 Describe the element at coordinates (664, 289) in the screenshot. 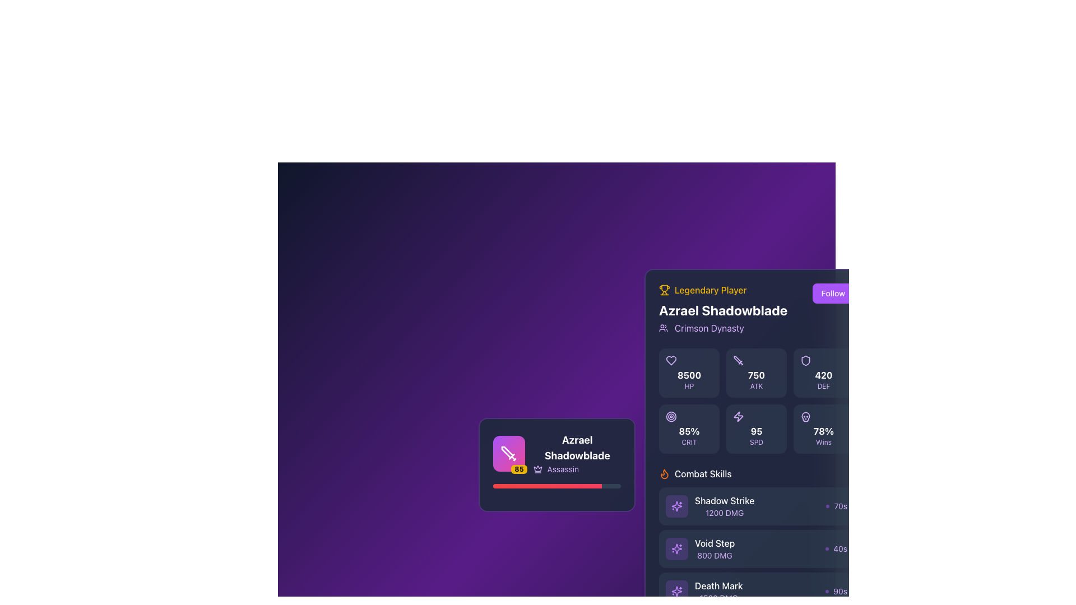

I see `the 'Legendary Player' icon located at the top-left corner of the section, which visually emphasizes the achievement of being a 'Legendary Player.'` at that location.